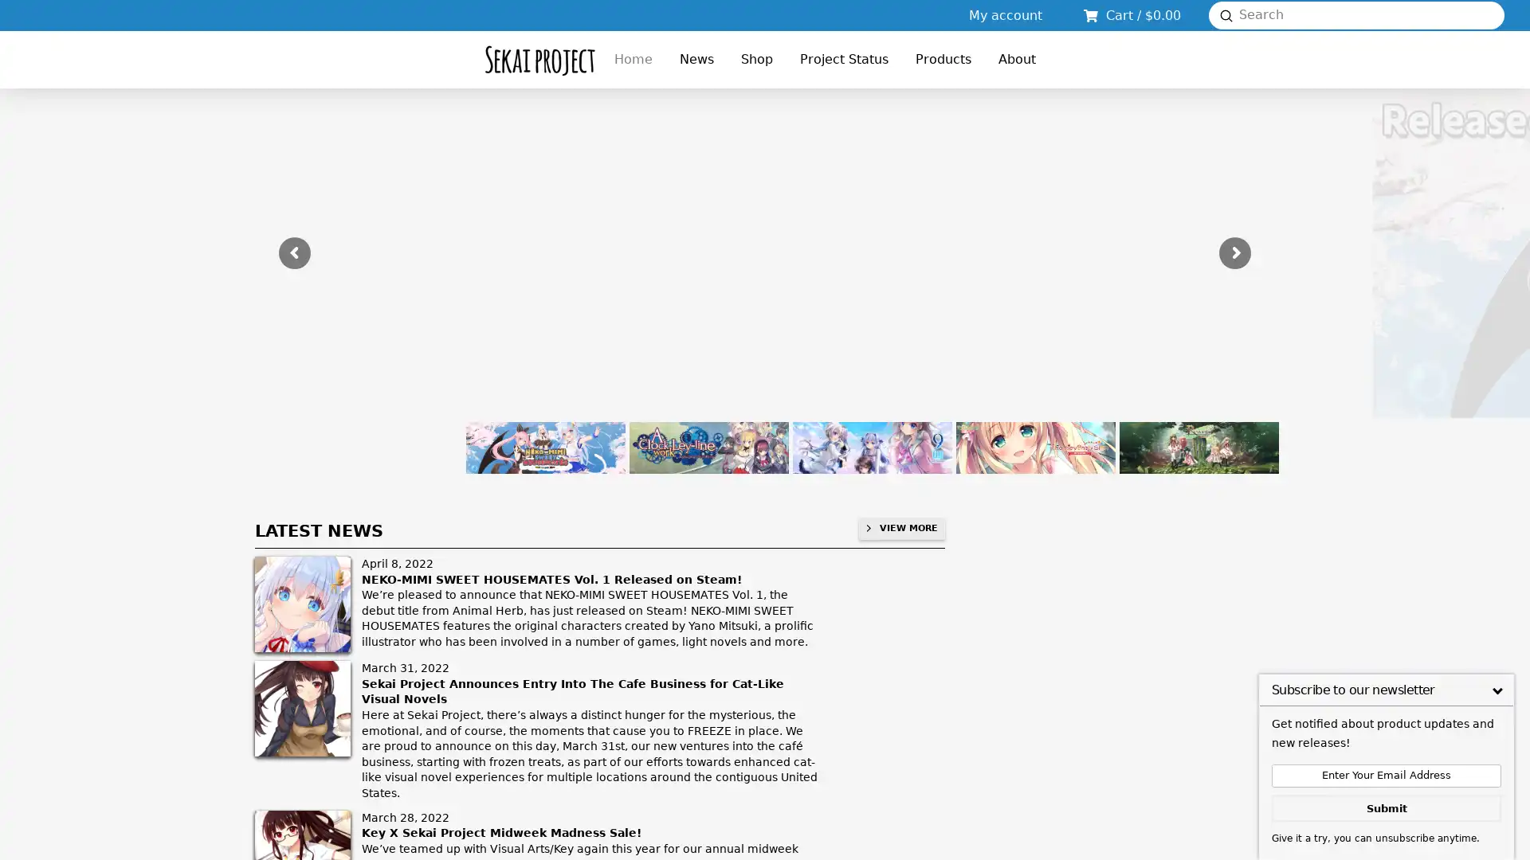 The image size is (1530, 860). Describe the element at coordinates (1226, 15) in the screenshot. I see `Submit` at that location.